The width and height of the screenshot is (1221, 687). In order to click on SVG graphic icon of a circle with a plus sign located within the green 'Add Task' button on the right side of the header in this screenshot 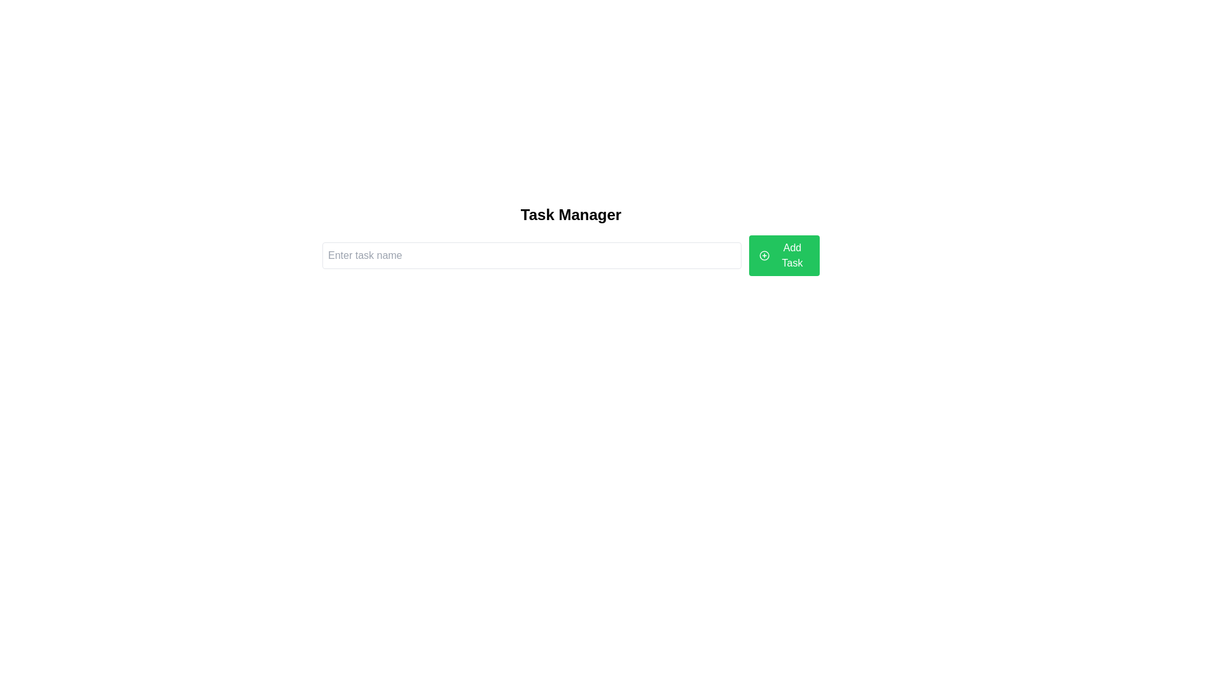, I will do `click(764, 255)`.